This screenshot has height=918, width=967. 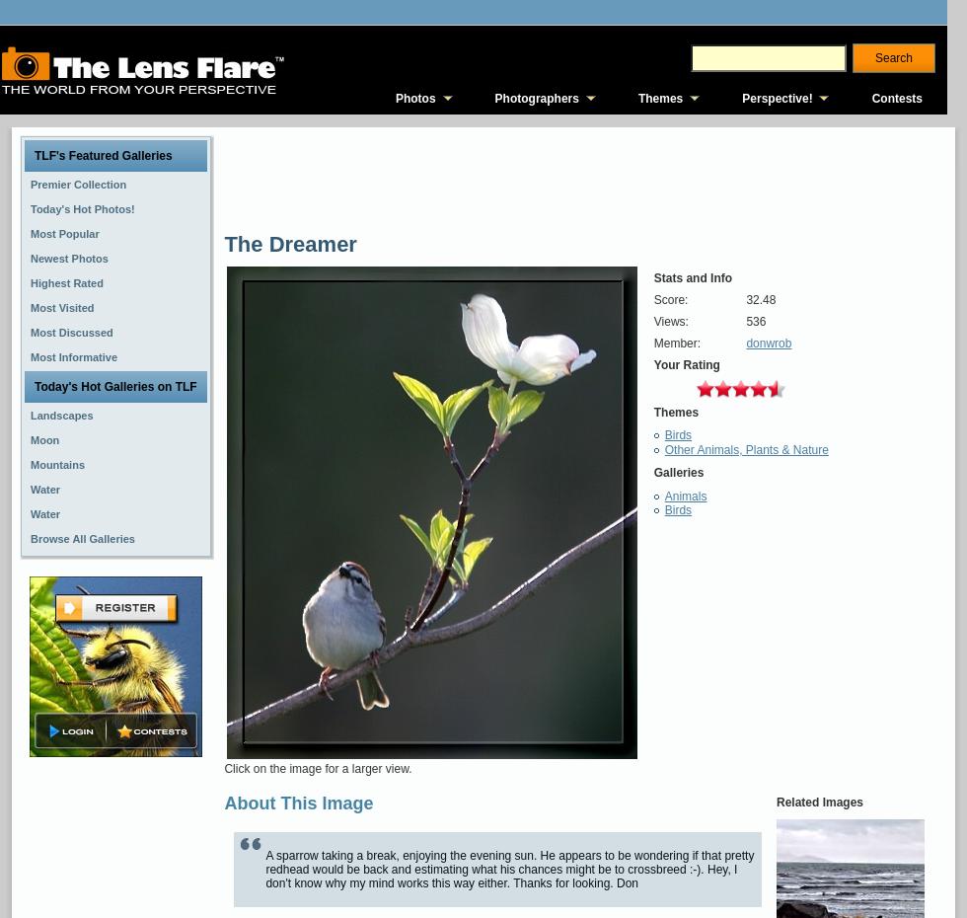 What do you see at coordinates (760, 300) in the screenshot?
I see `'32.48'` at bounding box center [760, 300].